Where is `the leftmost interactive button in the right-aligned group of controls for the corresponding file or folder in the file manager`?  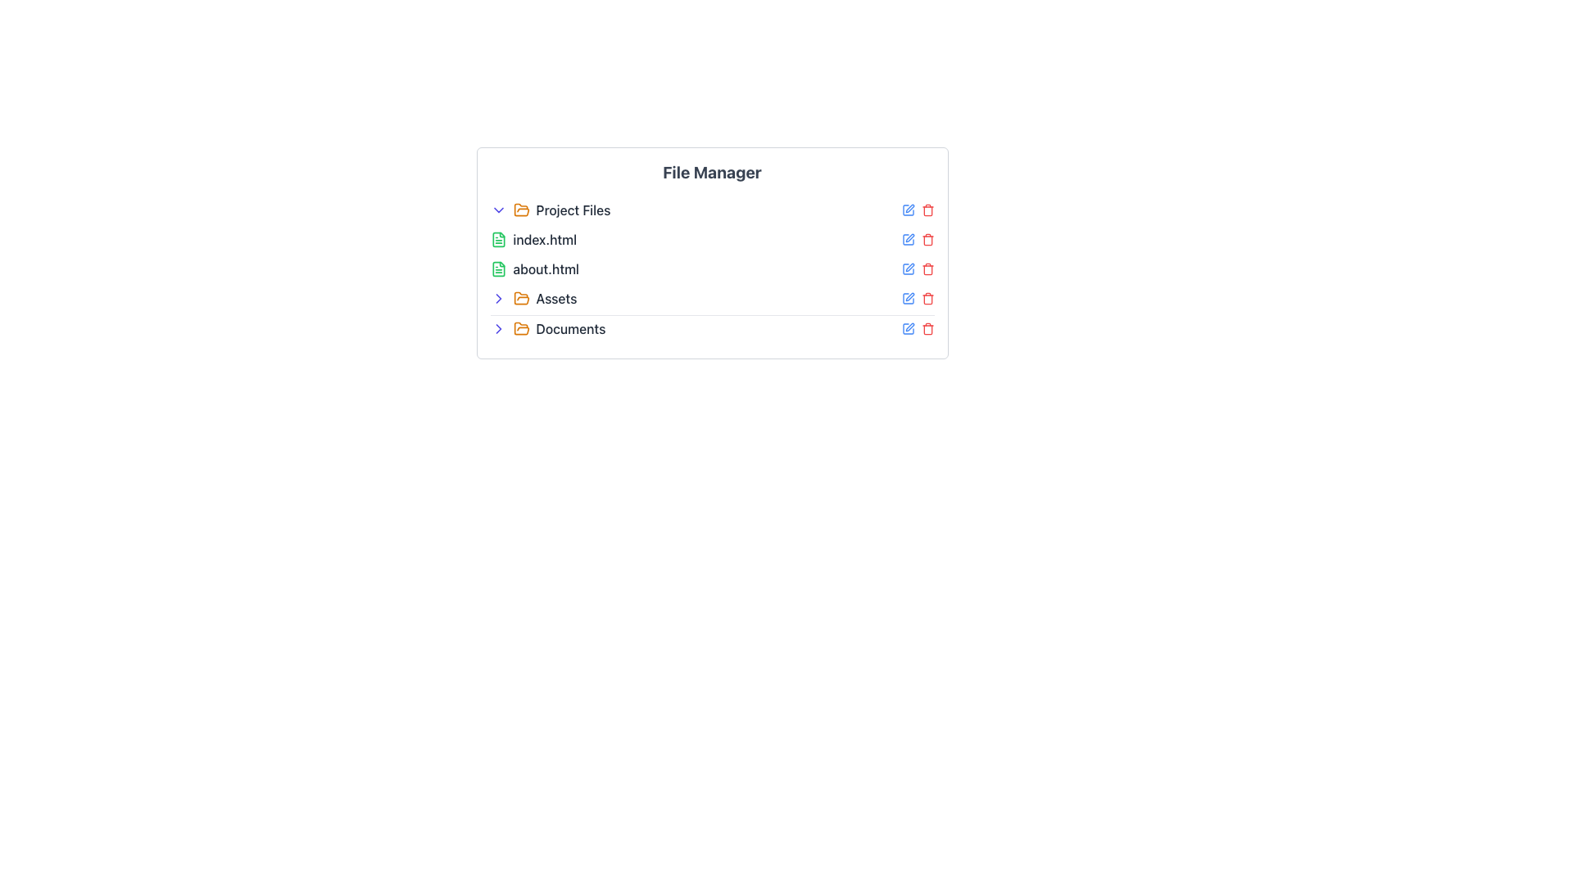
the leftmost interactive button in the right-aligned group of controls for the corresponding file or folder in the file manager is located at coordinates (907, 328).